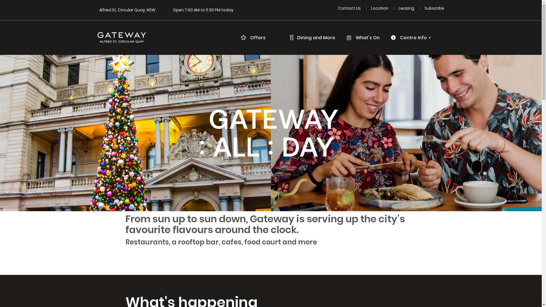 This screenshot has height=307, width=546. Describe the element at coordinates (99, 10) in the screenshot. I see `'Alfred St, Circular Quay, NSW'` at that location.